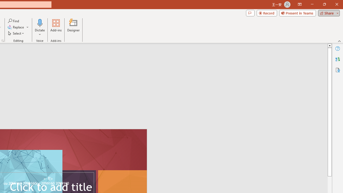  What do you see at coordinates (50, 184) in the screenshot?
I see `'TextBox 61'` at bounding box center [50, 184].